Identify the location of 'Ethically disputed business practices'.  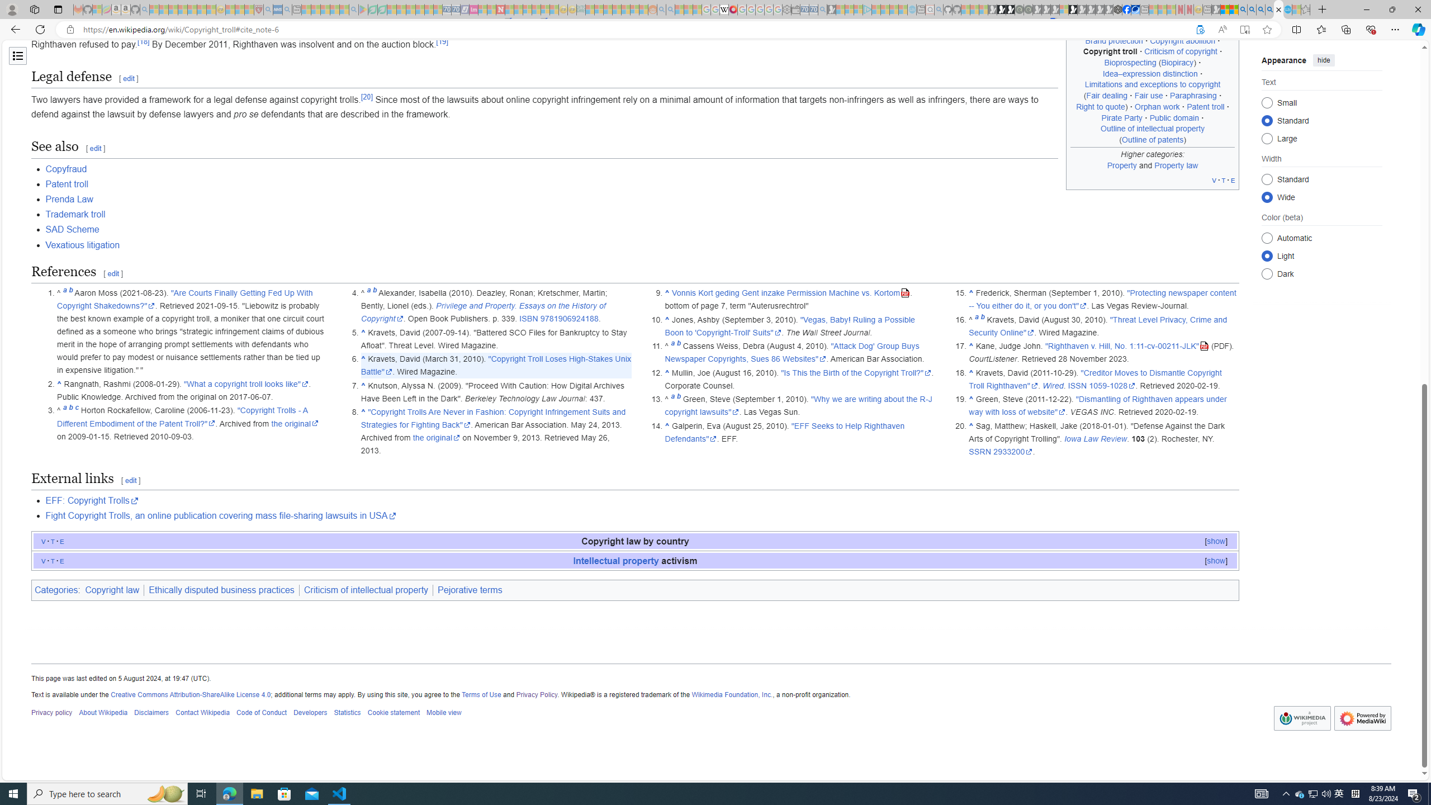
(221, 590).